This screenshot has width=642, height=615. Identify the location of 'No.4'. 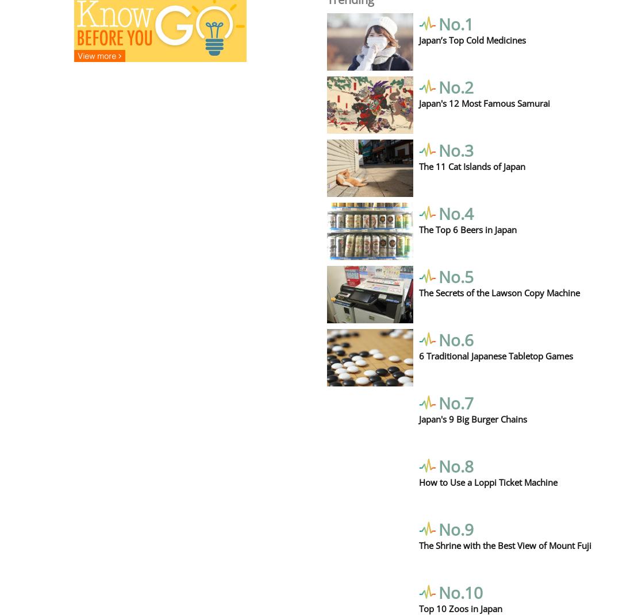
(455, 212).